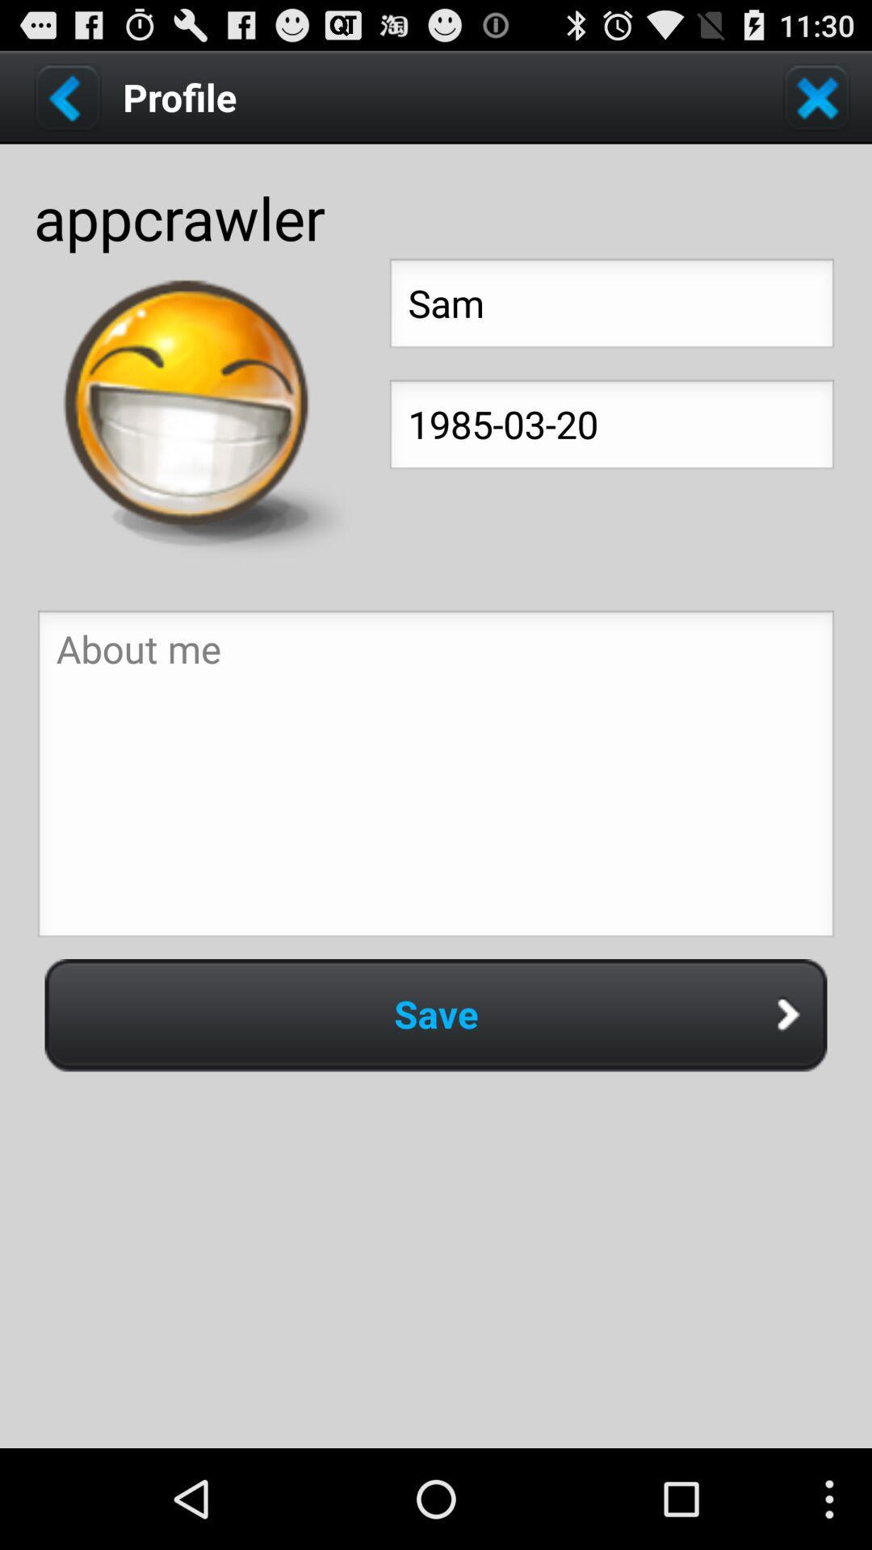 The height and width of the screenshot is (1550, 872). What do you see at coordinates (816, 96) in the screenshot?
I see `click cancel` at bounding box center [816, 96].